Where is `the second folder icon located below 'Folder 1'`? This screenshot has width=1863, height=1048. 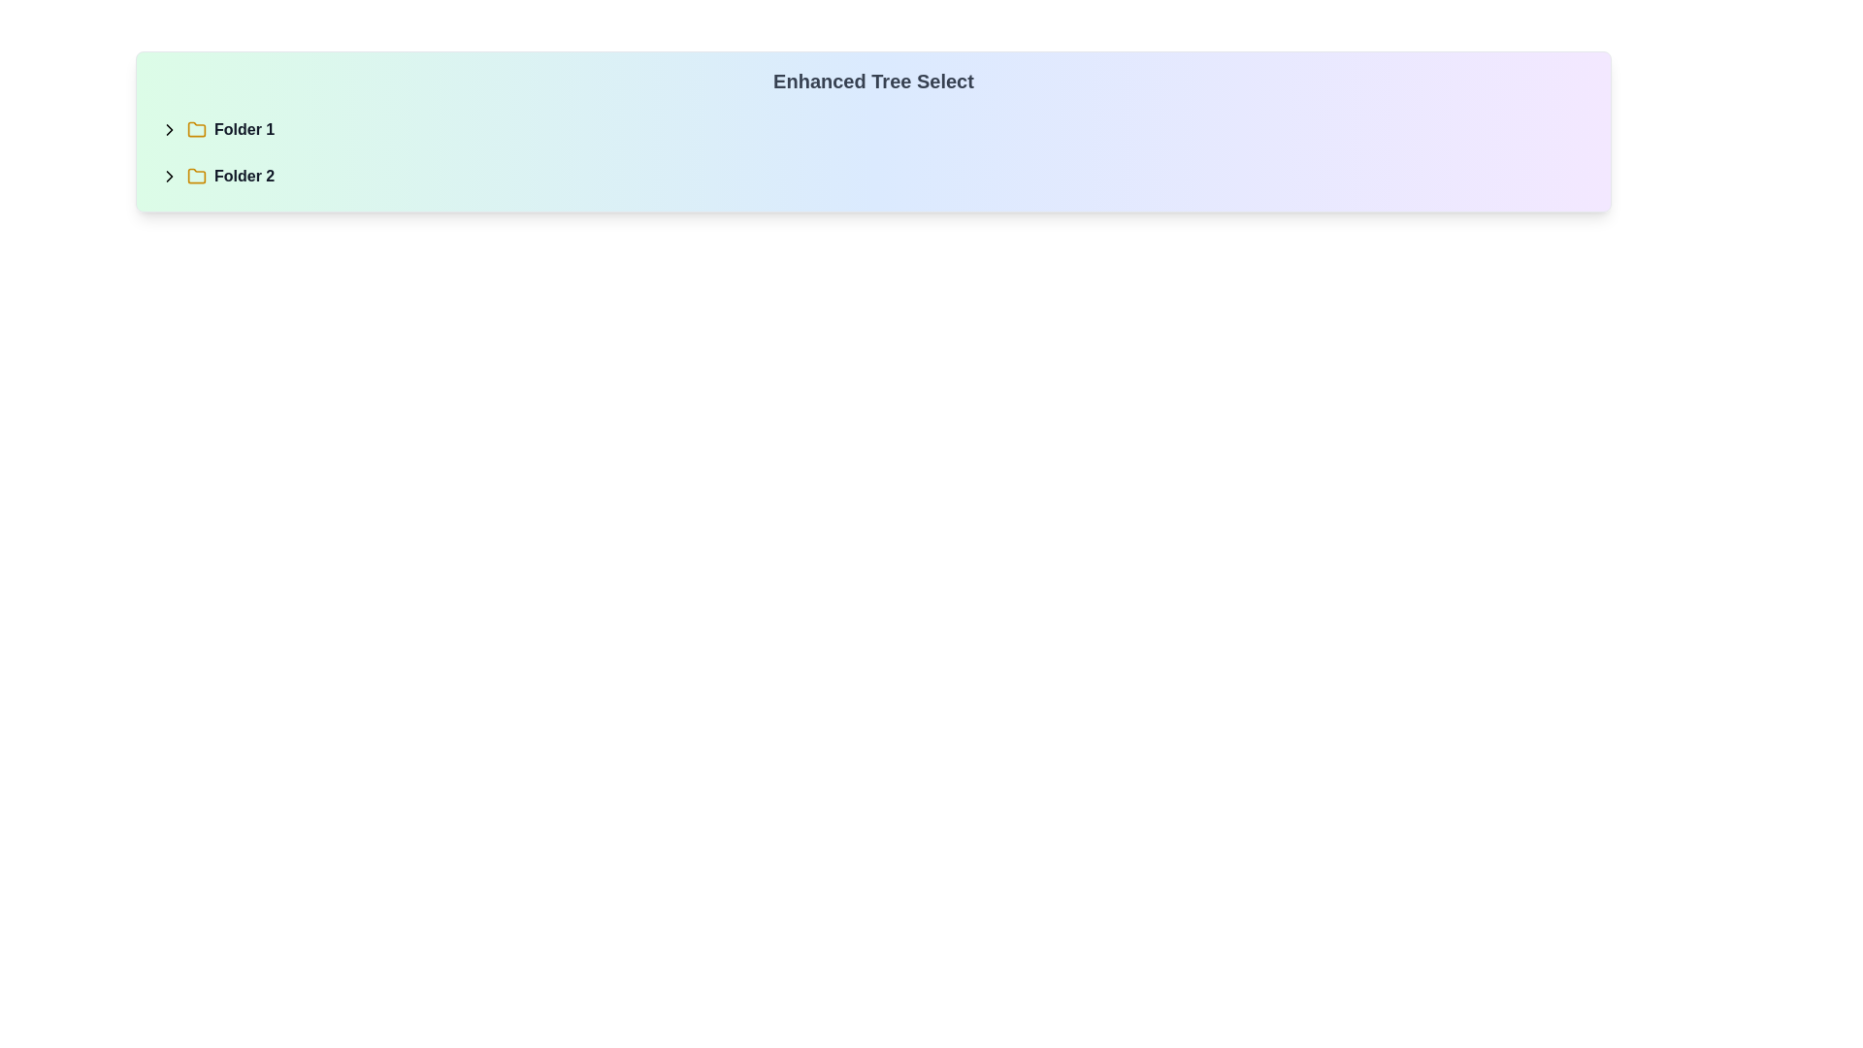 the second folder icon located below 'Folder 1' is located at coordinates (196, 176).